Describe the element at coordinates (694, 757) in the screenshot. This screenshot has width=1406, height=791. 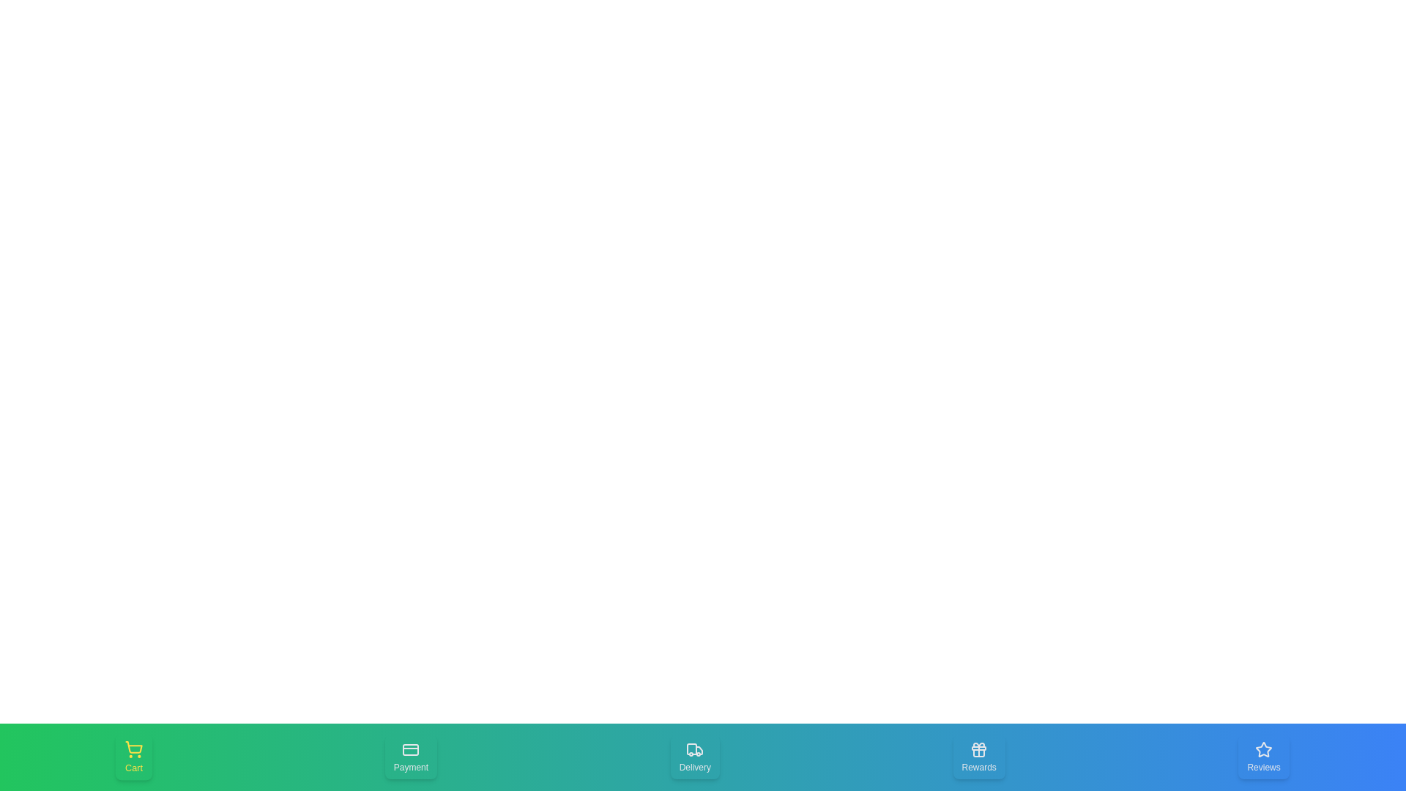
I see `the Delivery navigation tab` at that location.